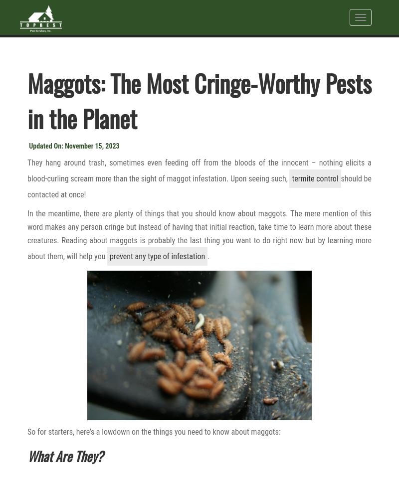 This screenshot has height=486, width=399. What do you see at coordinates (199, 170) in the screenshot?
I see `'They hang around trash, sometimes even feeding off from the bloods of the innocent – nothing elicits a blood-curling scream more than the sight of maggot infestation. Upon seeing such,'` at bounding box center [199, 170].